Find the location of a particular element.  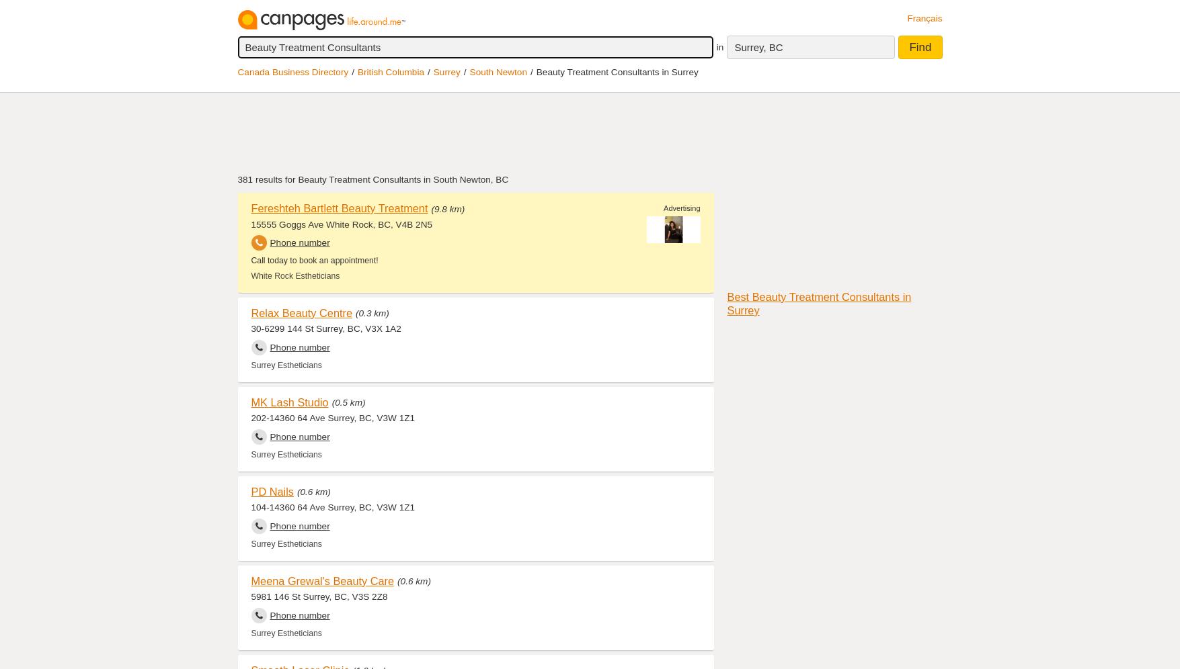

'(0.3 km)' is located at coordinates (371, 312).